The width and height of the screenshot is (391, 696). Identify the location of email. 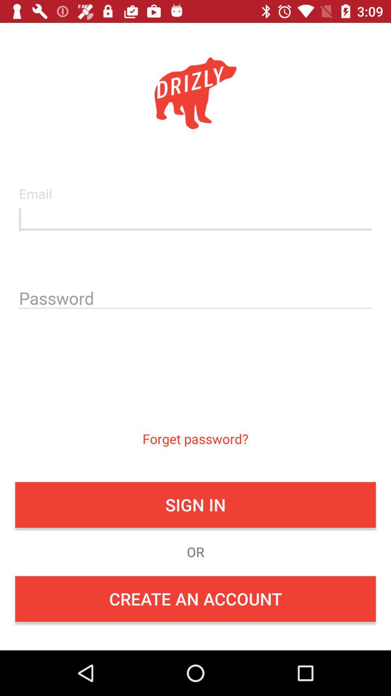
(195, 217).